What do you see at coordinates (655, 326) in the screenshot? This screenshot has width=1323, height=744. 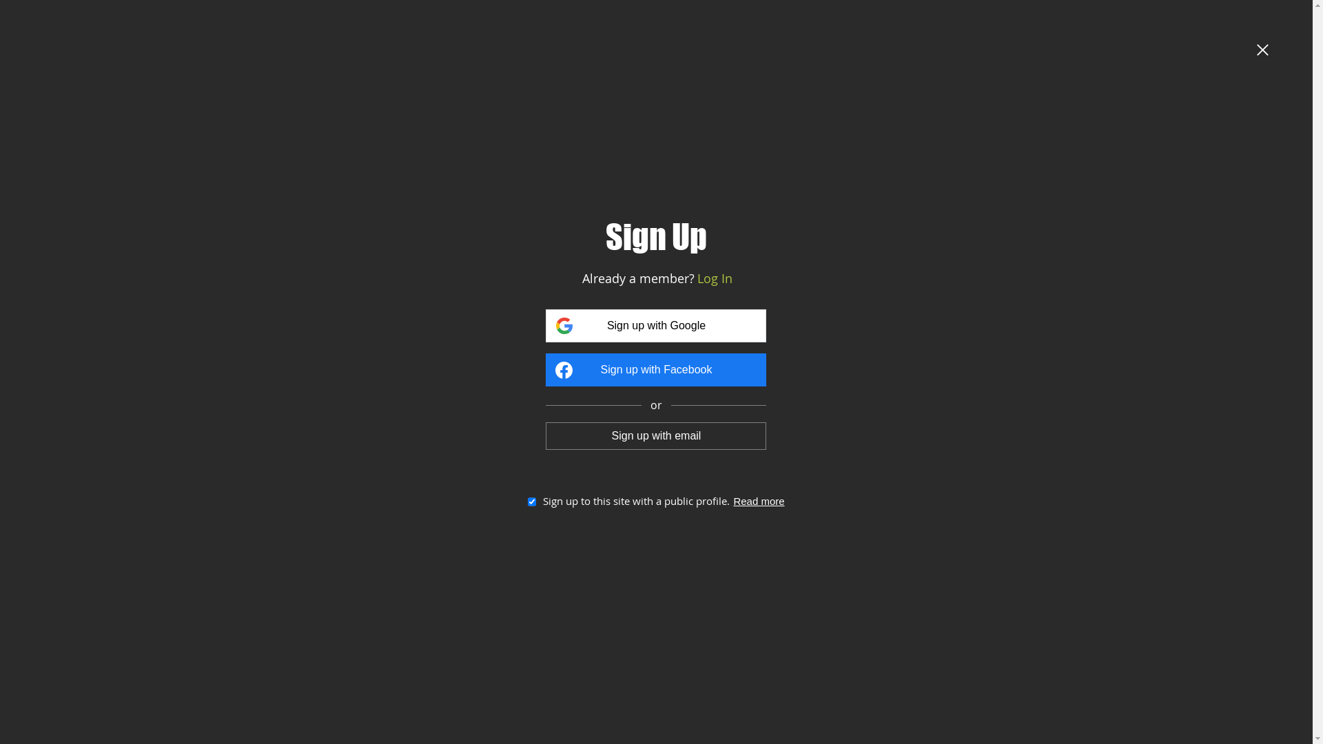 I see `'Sign up with Google'` at bounding box center [655, 326].